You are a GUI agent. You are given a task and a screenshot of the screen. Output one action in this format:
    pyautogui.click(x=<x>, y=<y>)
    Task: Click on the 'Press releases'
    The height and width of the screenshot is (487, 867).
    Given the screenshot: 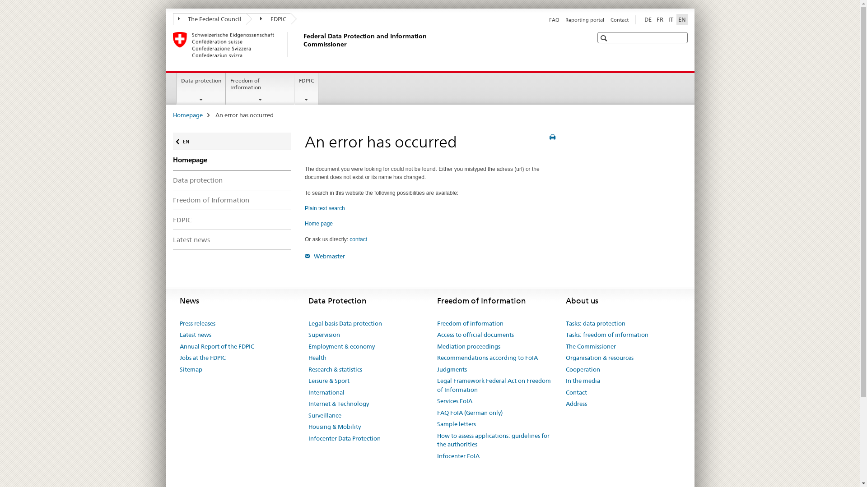 What is the action you would take?
    pyautogui.click(x=197, y=323)
    